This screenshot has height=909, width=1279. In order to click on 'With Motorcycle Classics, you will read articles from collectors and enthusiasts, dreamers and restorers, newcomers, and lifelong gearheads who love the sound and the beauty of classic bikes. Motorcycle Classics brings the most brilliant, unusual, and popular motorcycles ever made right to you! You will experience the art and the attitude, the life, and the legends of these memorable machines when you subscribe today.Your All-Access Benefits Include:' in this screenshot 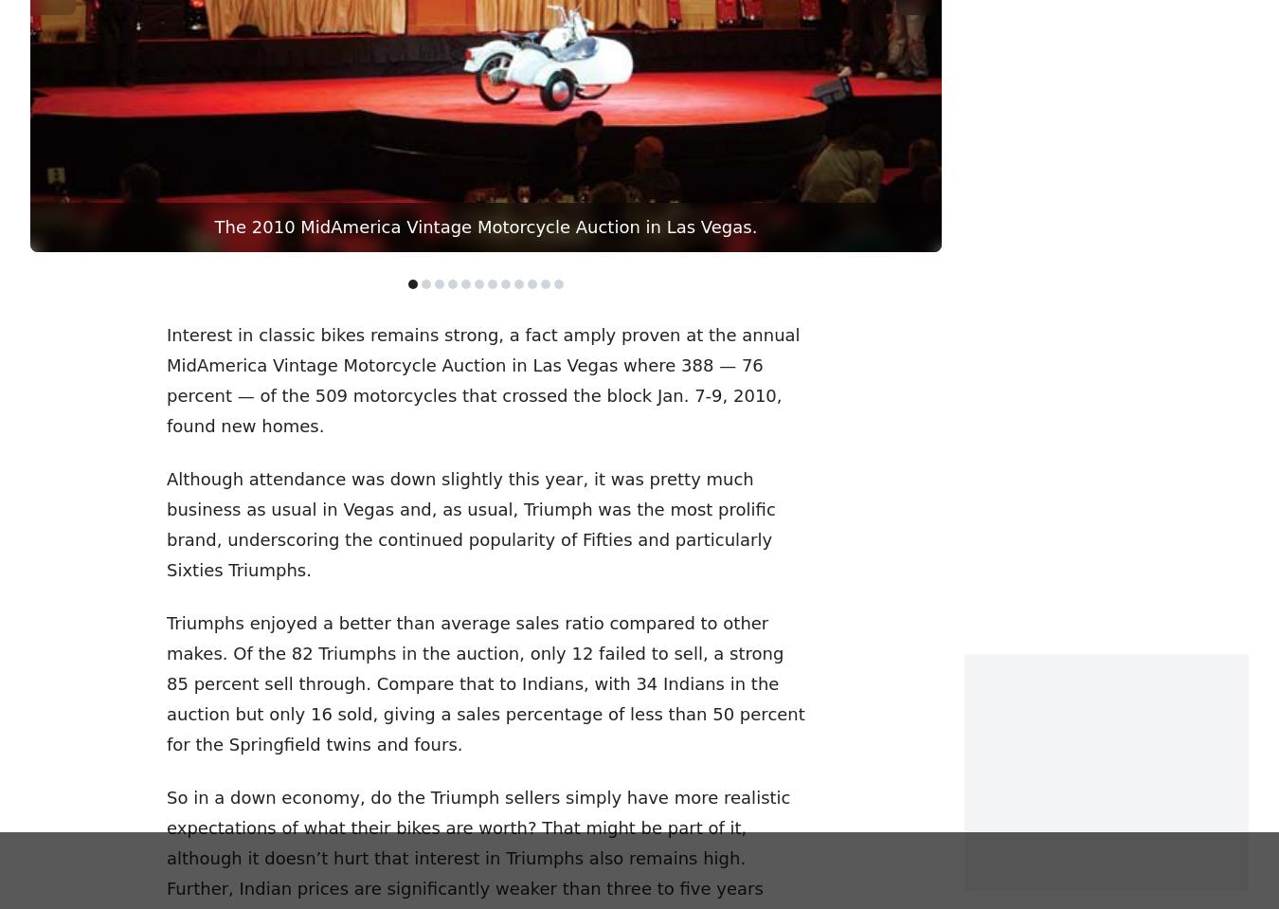, I will do `click(257, 546)`.